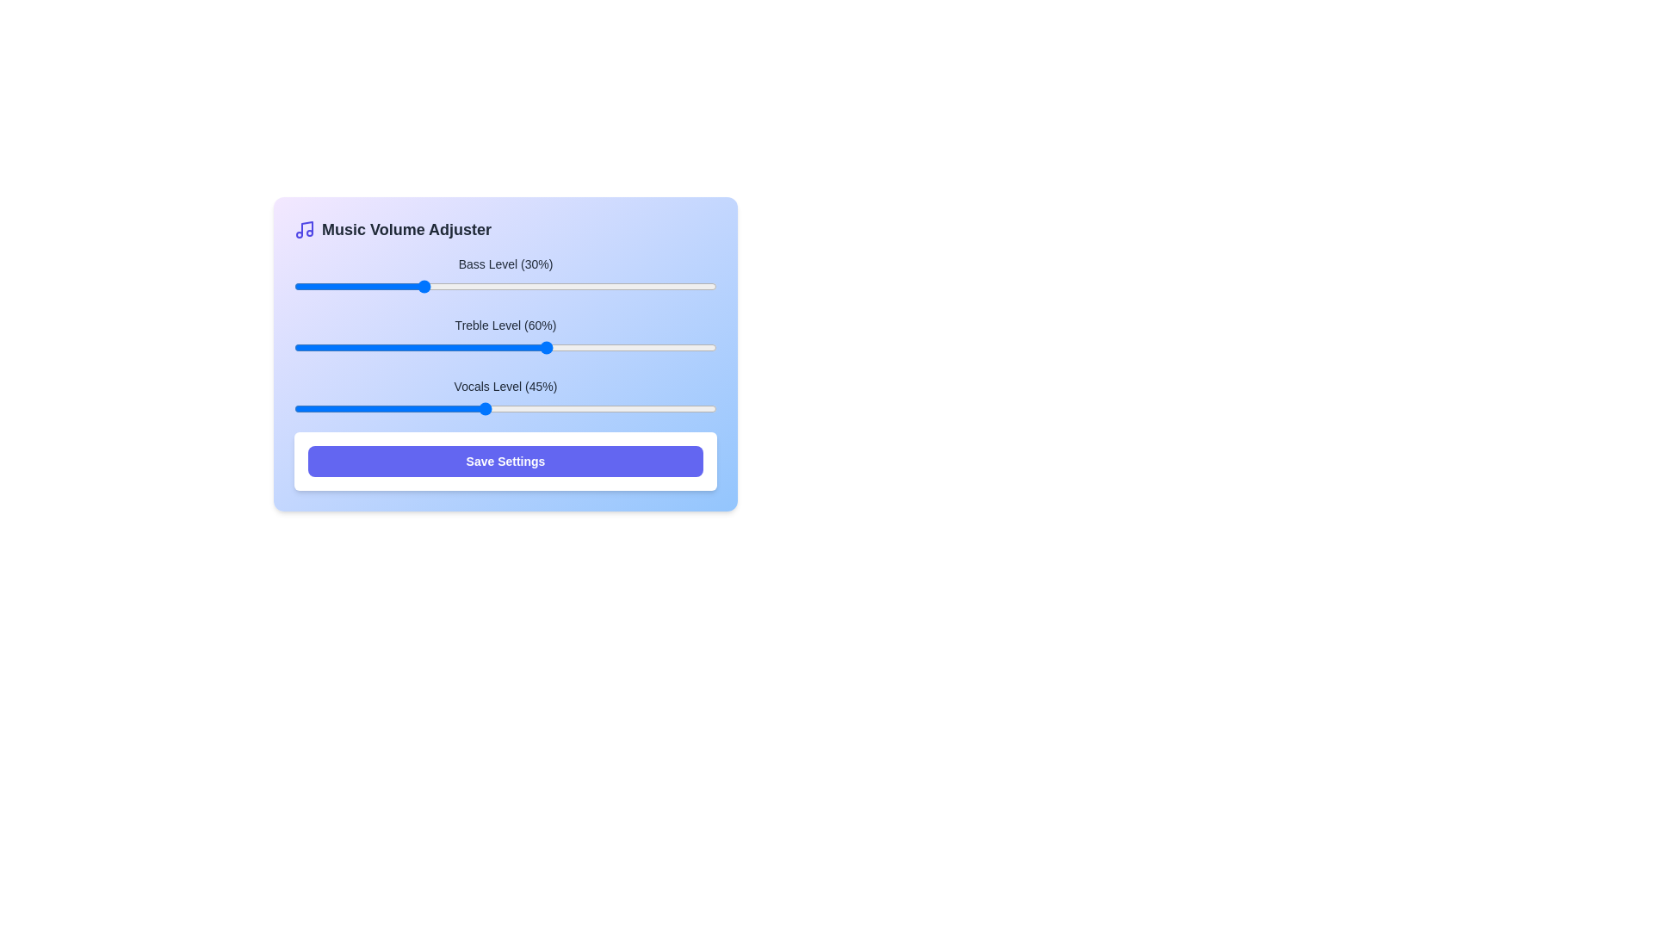  Describe the element at coordinates (496, 348) in the screenshot. I see `the treble level` at that location.